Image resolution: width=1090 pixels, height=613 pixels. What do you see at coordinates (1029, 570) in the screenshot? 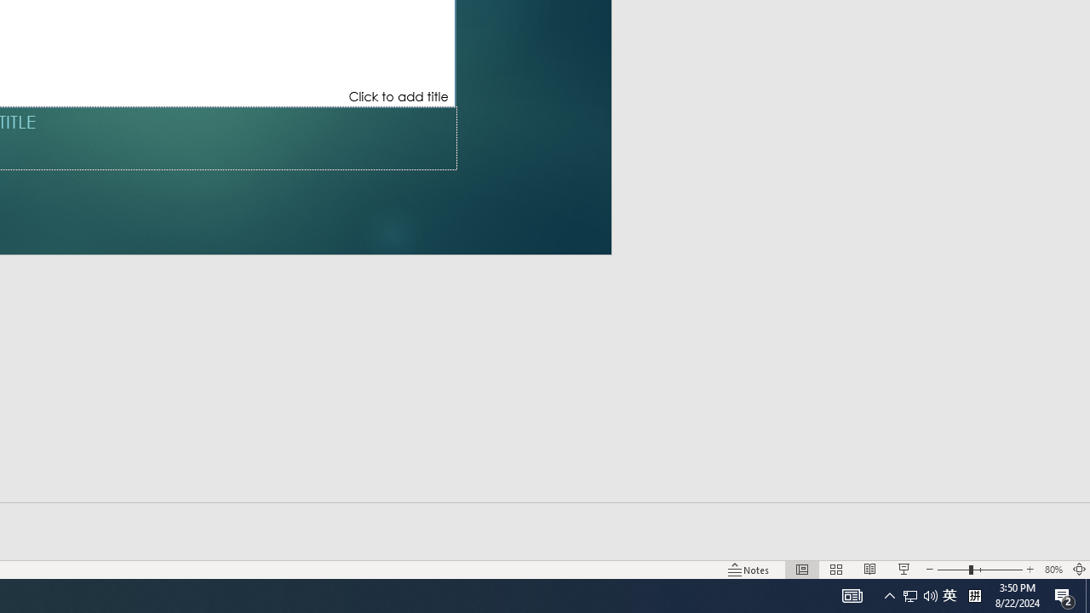
I see `'Zoom In'` at bounding box center [1029, 570].